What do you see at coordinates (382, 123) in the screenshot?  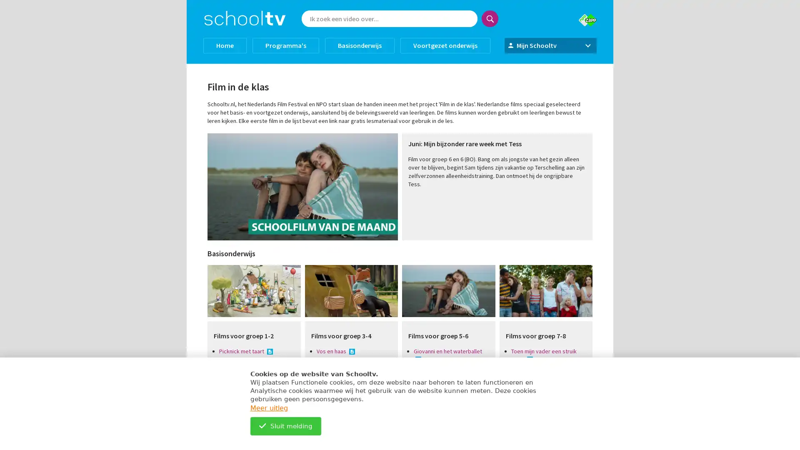 I see `Nee` at bounding box center [382, 123].